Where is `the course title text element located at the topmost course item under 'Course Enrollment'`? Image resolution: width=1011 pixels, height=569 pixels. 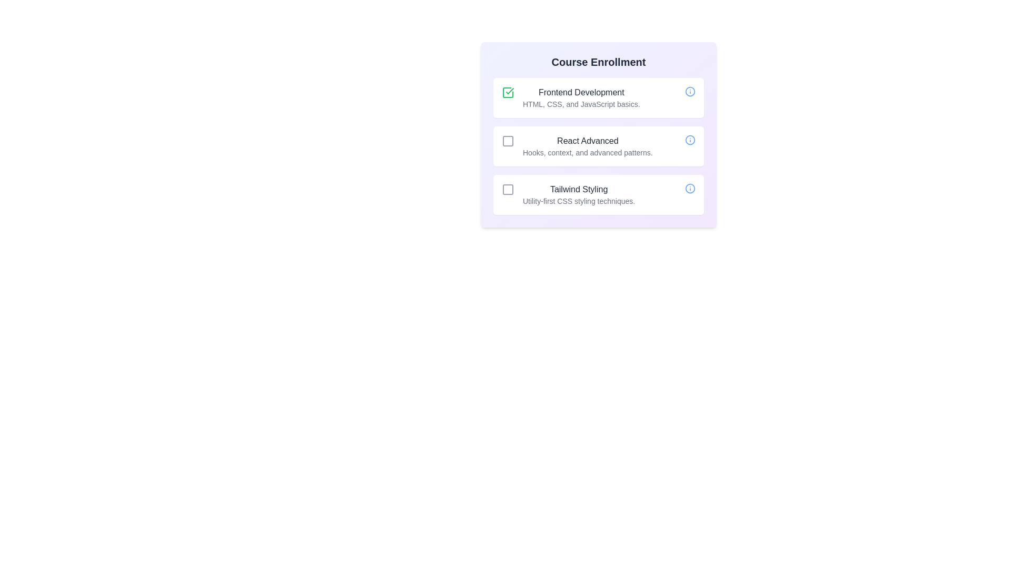 the course title text element located at the topmost course item under 'Course Enrollment' is located at coordinates (581, 92).